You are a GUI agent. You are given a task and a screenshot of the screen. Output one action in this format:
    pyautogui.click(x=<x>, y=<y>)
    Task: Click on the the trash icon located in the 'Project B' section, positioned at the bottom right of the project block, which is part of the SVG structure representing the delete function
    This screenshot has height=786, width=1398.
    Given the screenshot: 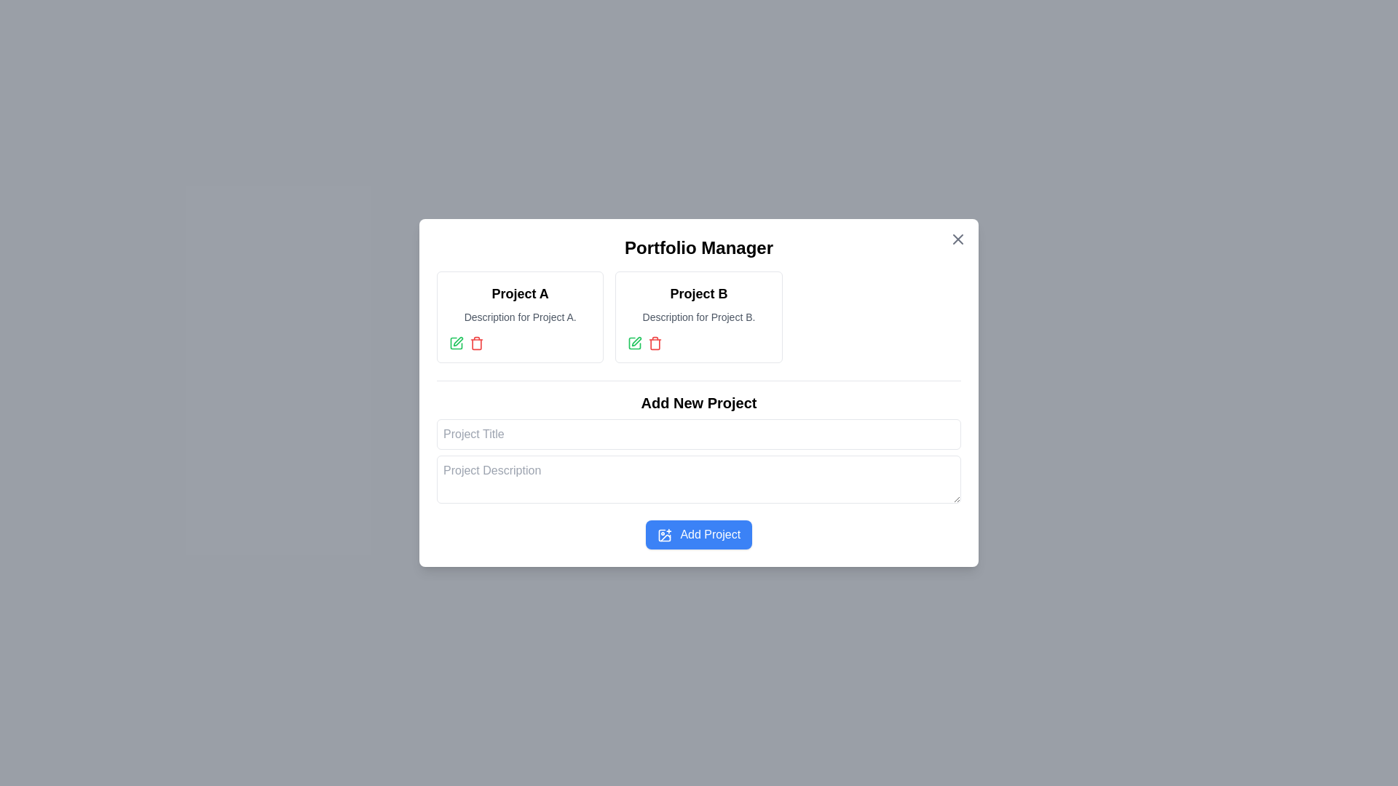 What is the action you would take?
    pyautogui.click(x=655, y=344)
    